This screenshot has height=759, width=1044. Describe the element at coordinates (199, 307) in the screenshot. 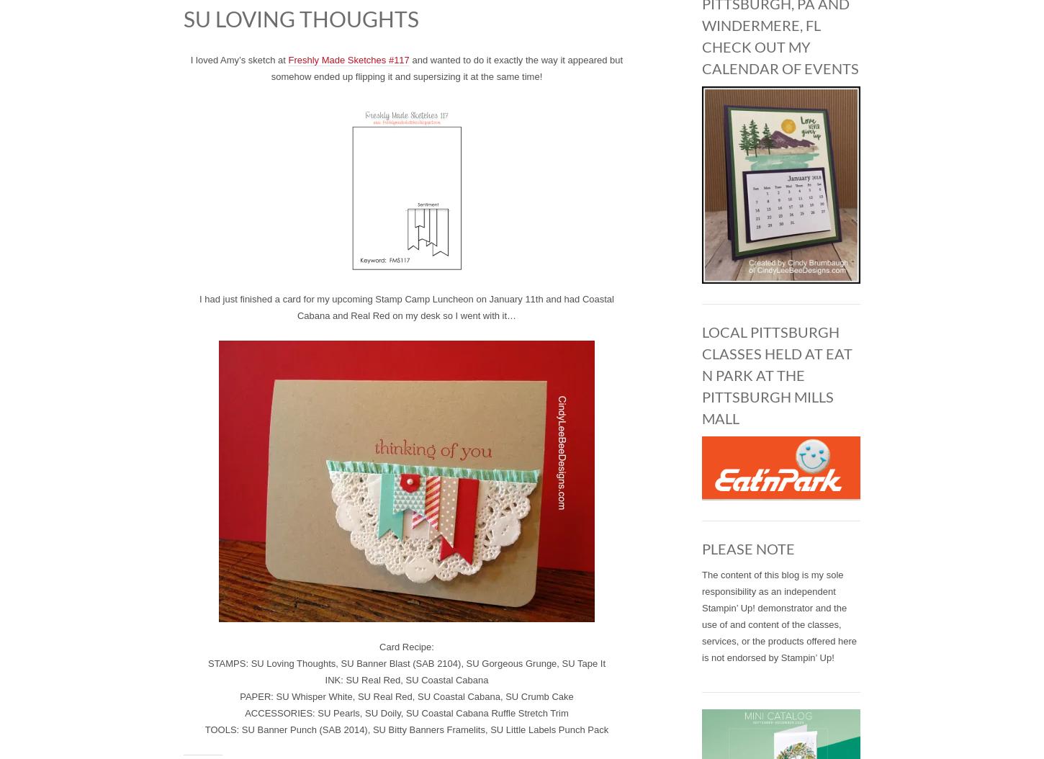

I see `'I had just finished a card for my upcoming Stamp Camp Luncheon on January 11th and had Coastal Cabana and Real Red on my desk so I went with it…'` at that location.